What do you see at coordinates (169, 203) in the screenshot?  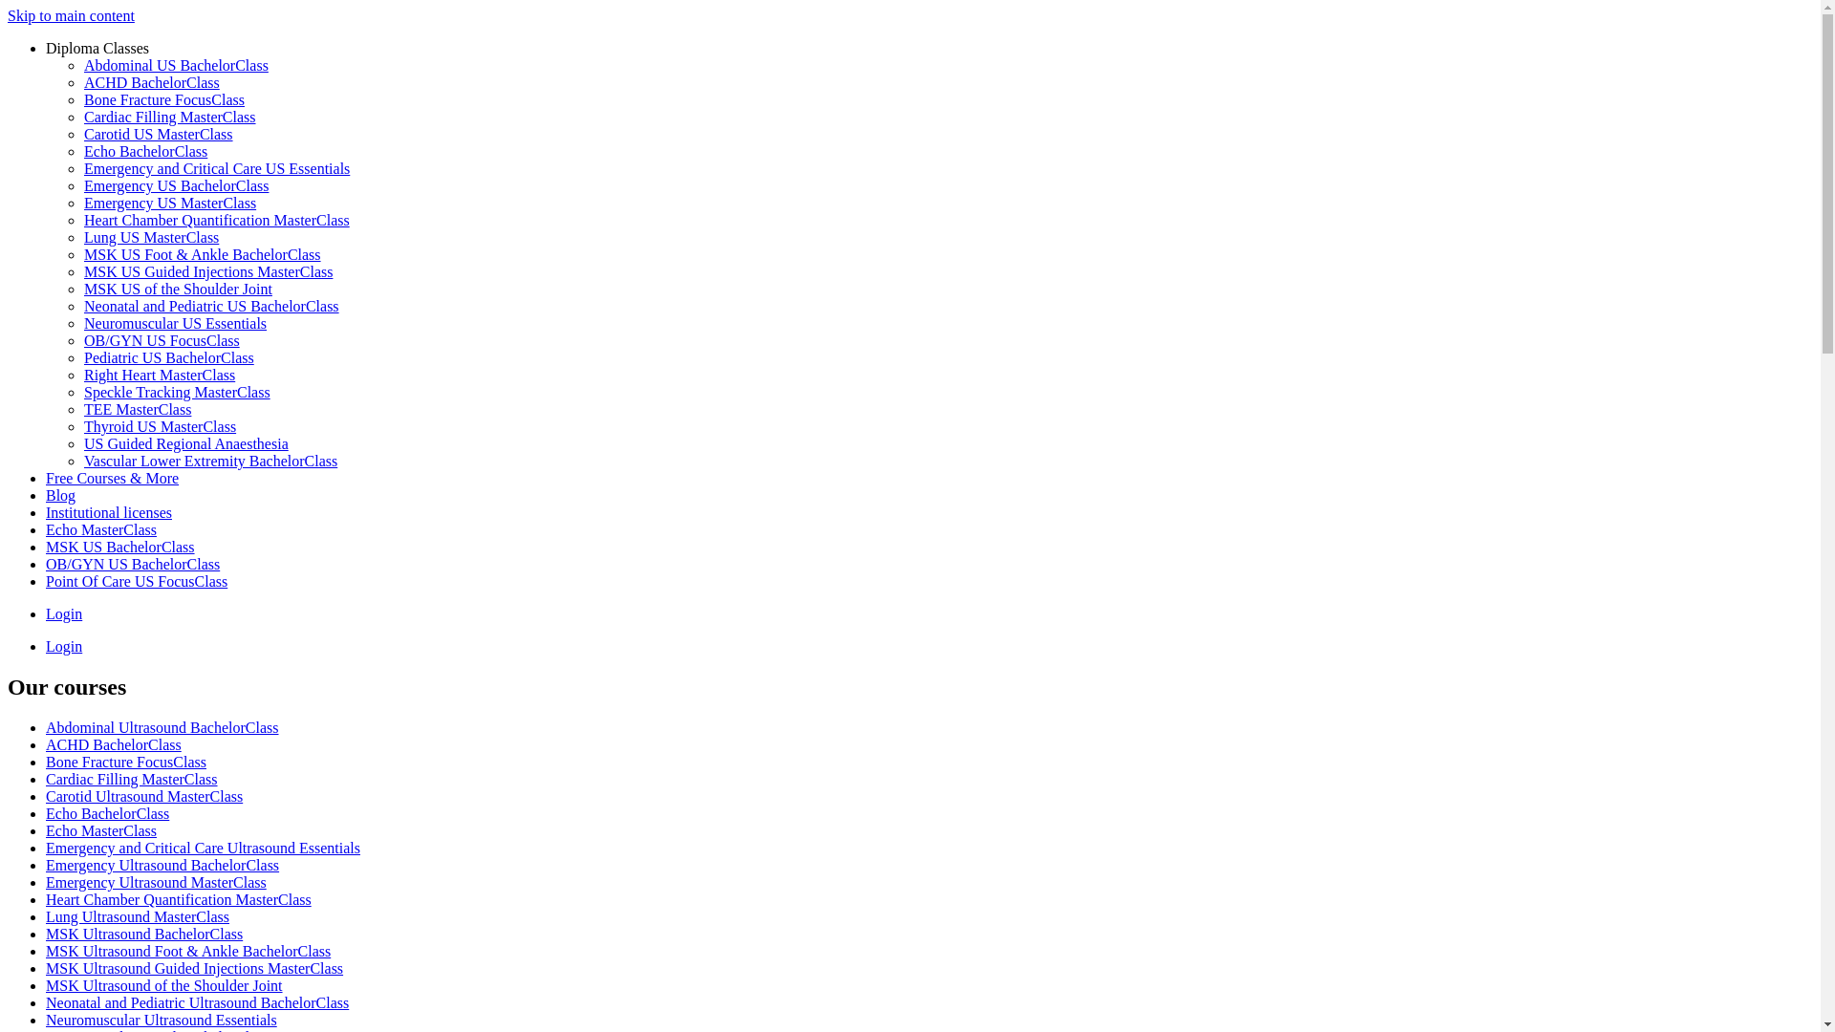 I see `'Emergency US MasterClass'` at bounding box center [169, 203].